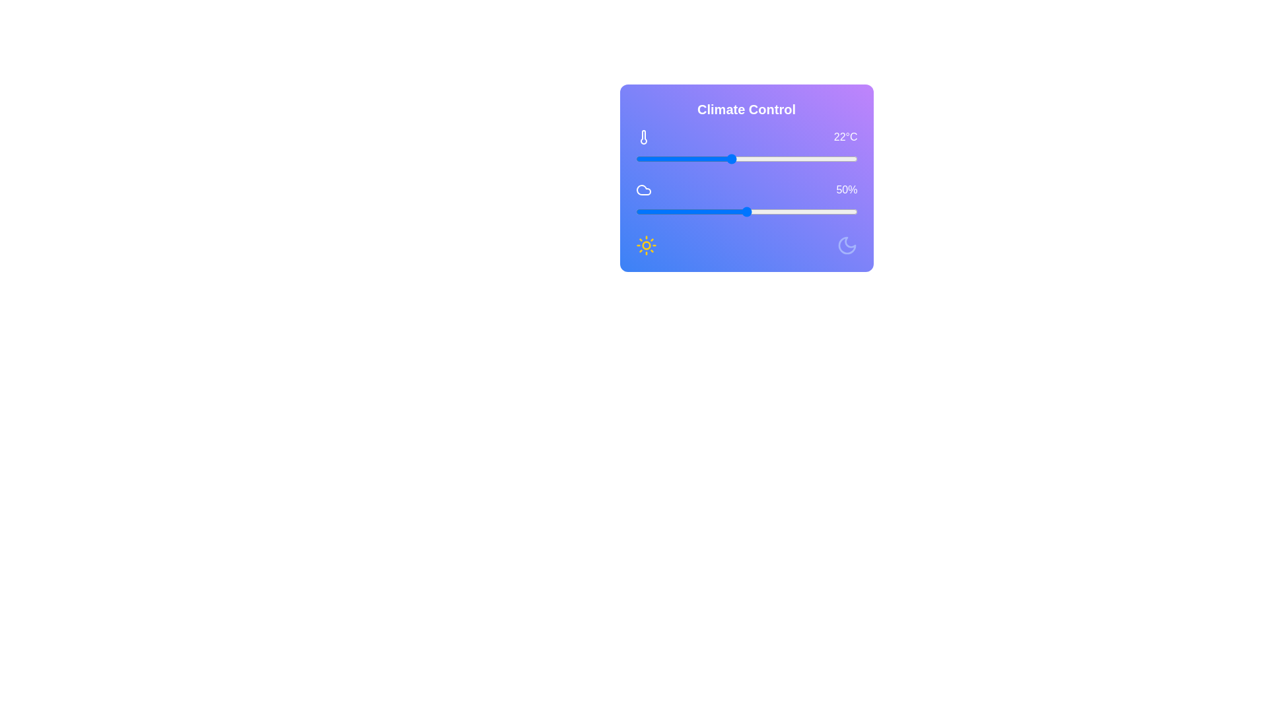 The width and height of the screenshot is (1268, 713). Describe the element at coordinates (759, 190) in the screenshot. I see `the slider` at that location.